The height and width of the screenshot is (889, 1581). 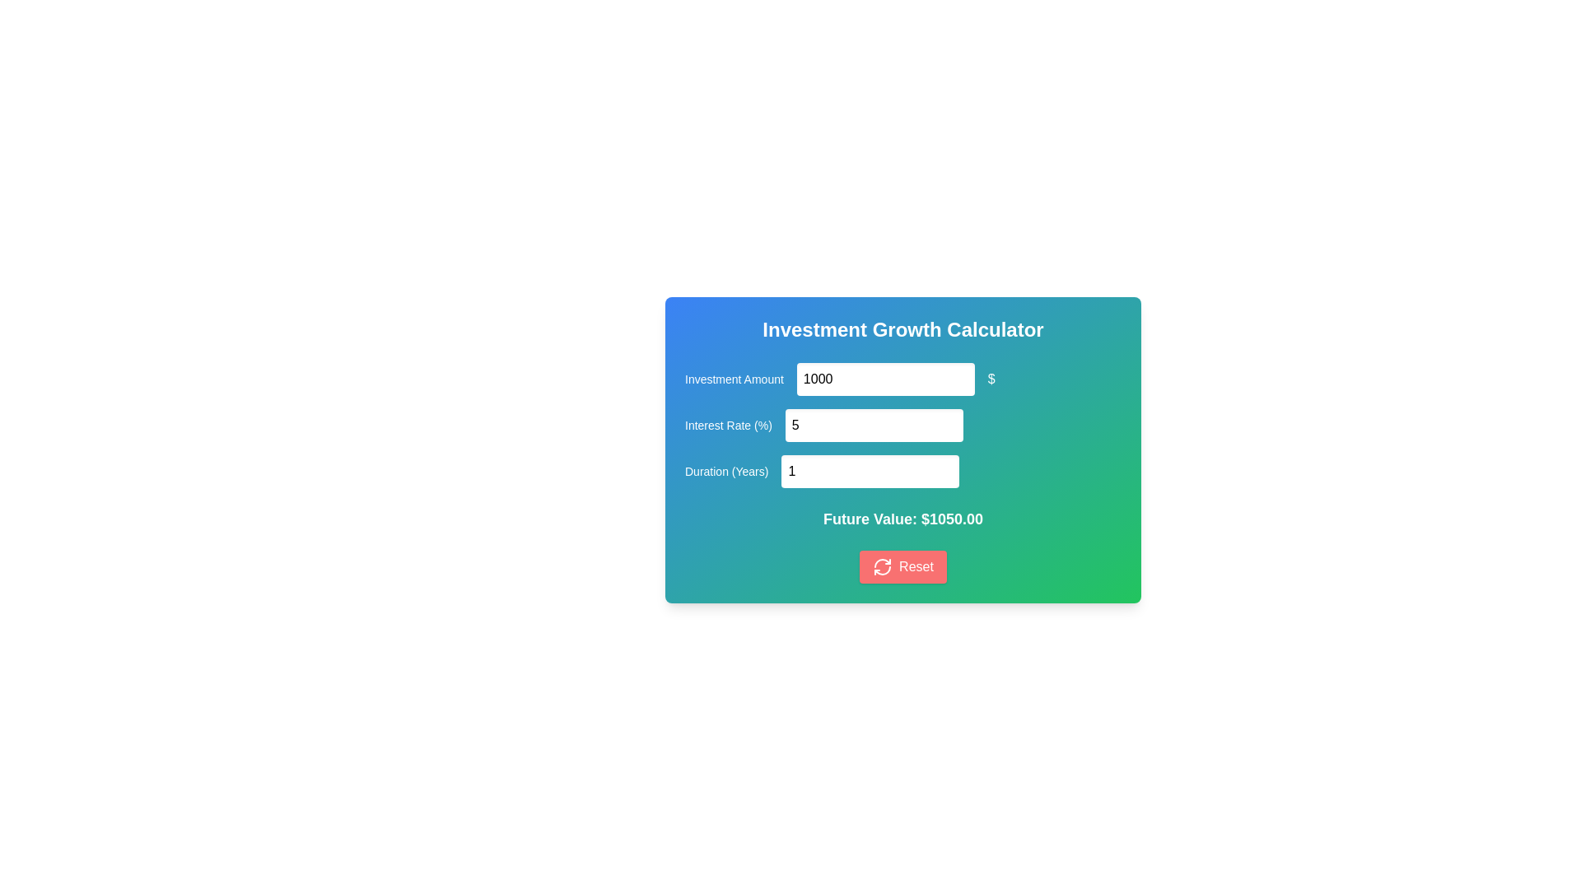 What do you see at coordinates (902, 330) in the screenshot?
I see `the header displaying 'Investment Growth Calculator' which is positioned centrally at the top of the panel with a gradient background` at bounding box center [902, 330].